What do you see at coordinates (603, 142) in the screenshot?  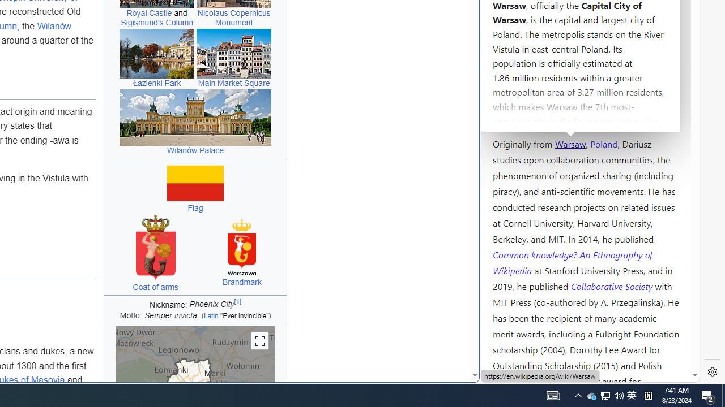 I see `'Poland'` at bounding box center [603, 142].